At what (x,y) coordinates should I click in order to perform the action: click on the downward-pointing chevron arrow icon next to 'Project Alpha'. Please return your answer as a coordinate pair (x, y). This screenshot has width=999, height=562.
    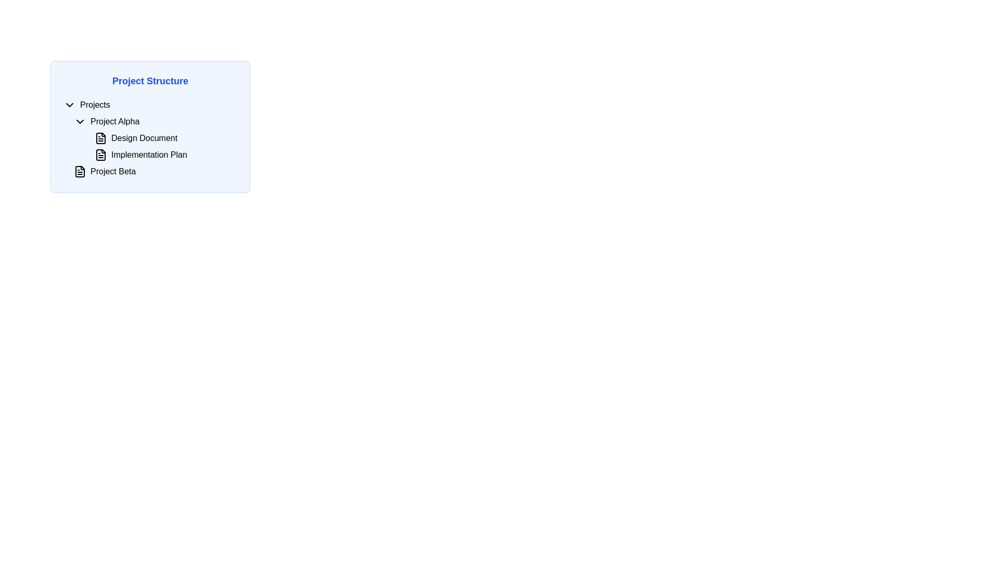
    Looking at the image, I should click on (79, 121).